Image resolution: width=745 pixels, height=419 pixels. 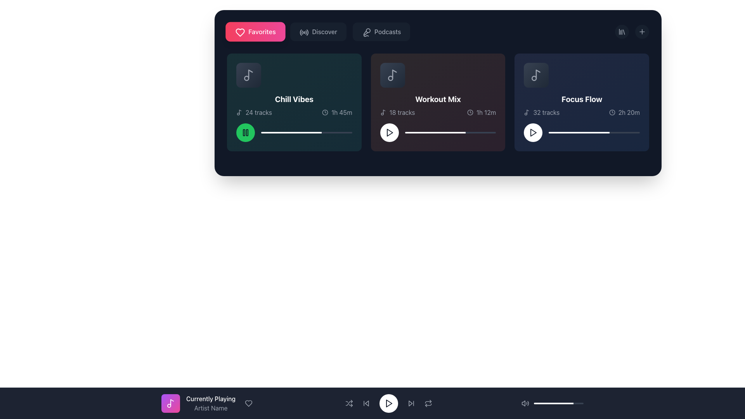 I want to click on the heart icon, which has a hollow appearance and is styled as a vector graphic, to mark the track as a favorite, so click(x=249, y=403).